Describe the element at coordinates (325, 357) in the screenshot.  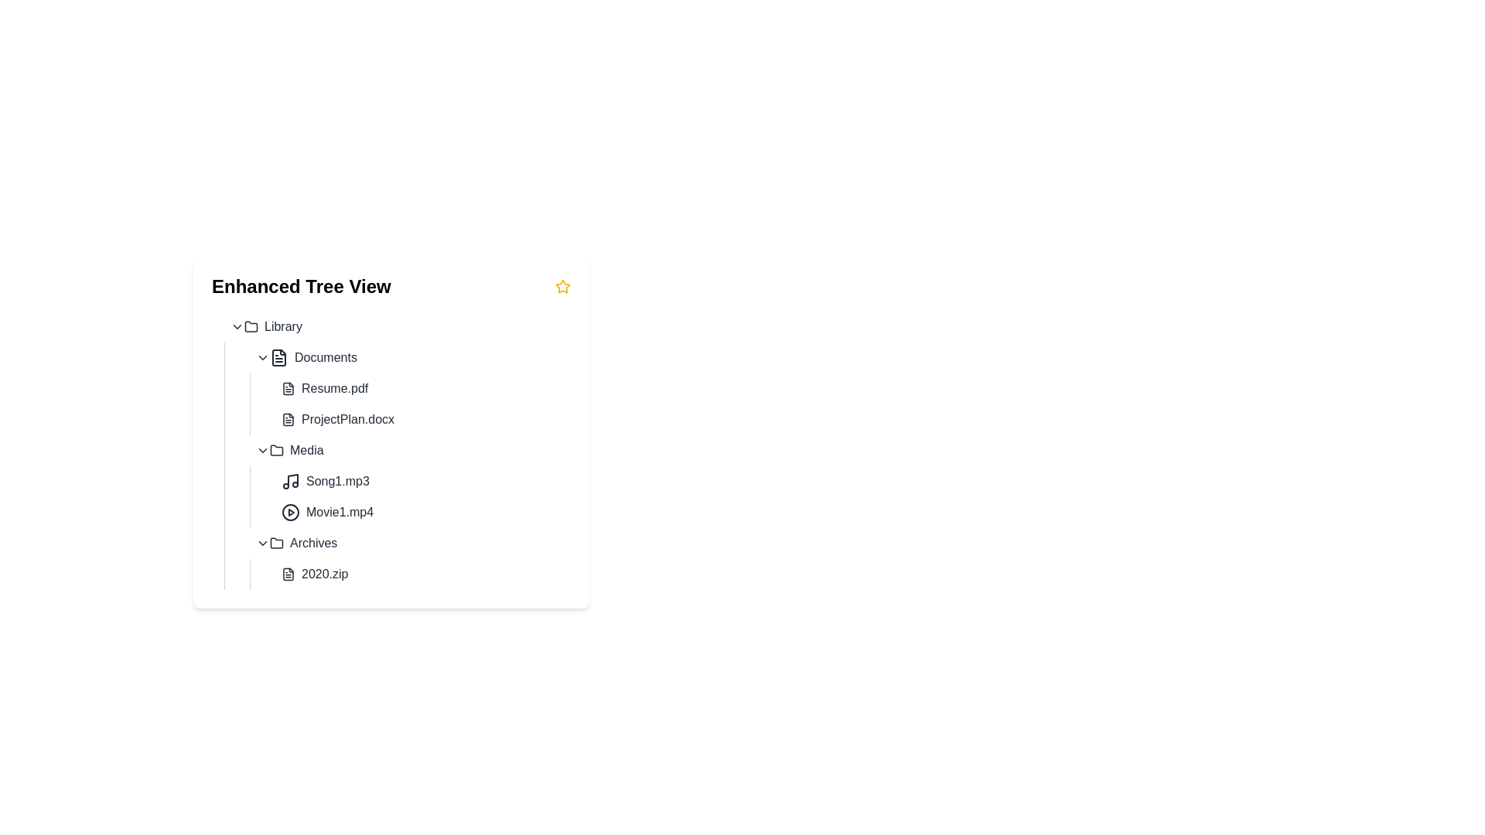
I see `the 'Documents' text label` at that location.